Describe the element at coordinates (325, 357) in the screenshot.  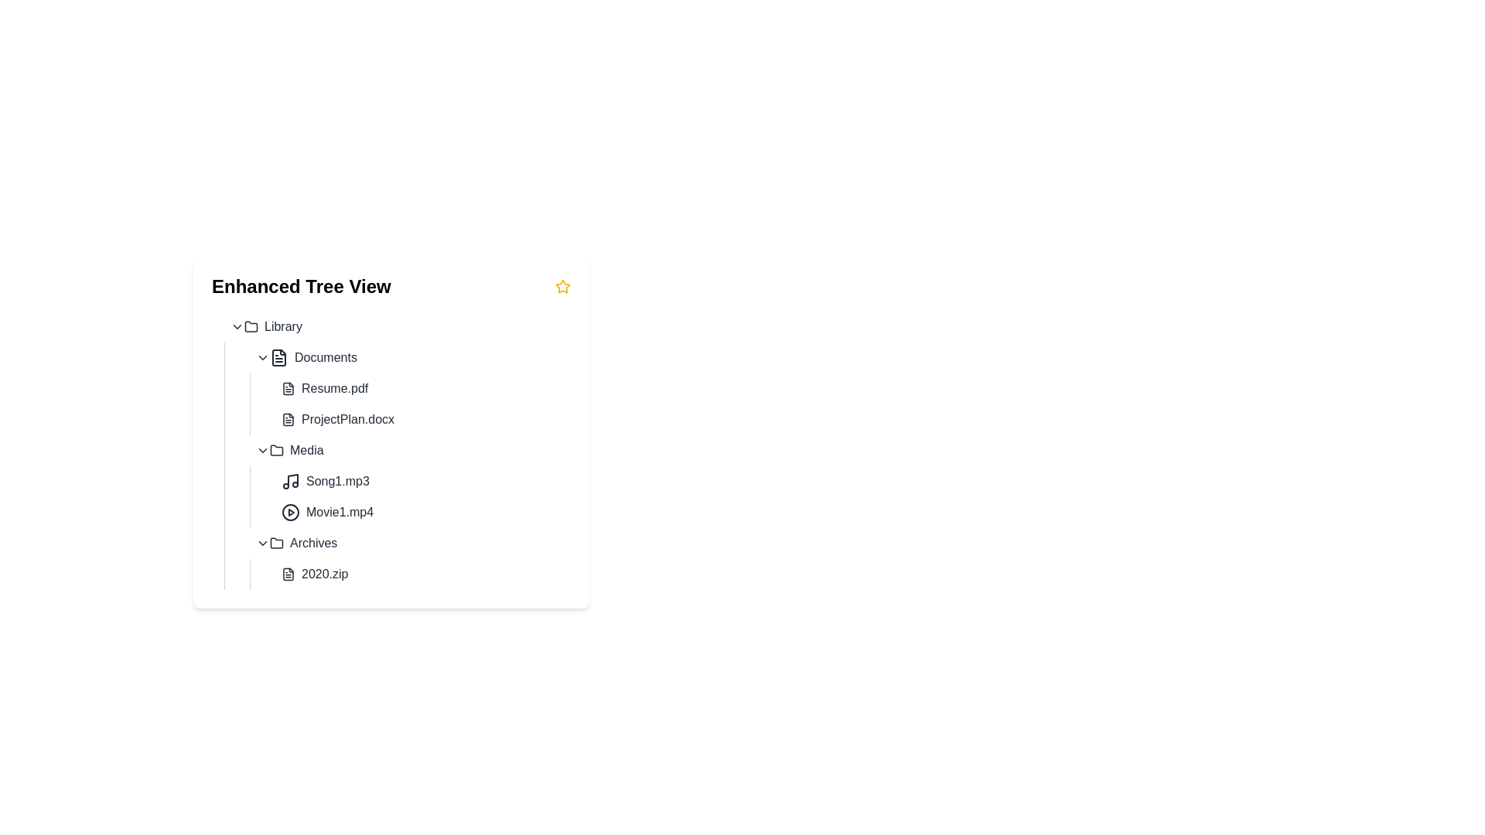
I see `the 'Documents' text label` at that location.